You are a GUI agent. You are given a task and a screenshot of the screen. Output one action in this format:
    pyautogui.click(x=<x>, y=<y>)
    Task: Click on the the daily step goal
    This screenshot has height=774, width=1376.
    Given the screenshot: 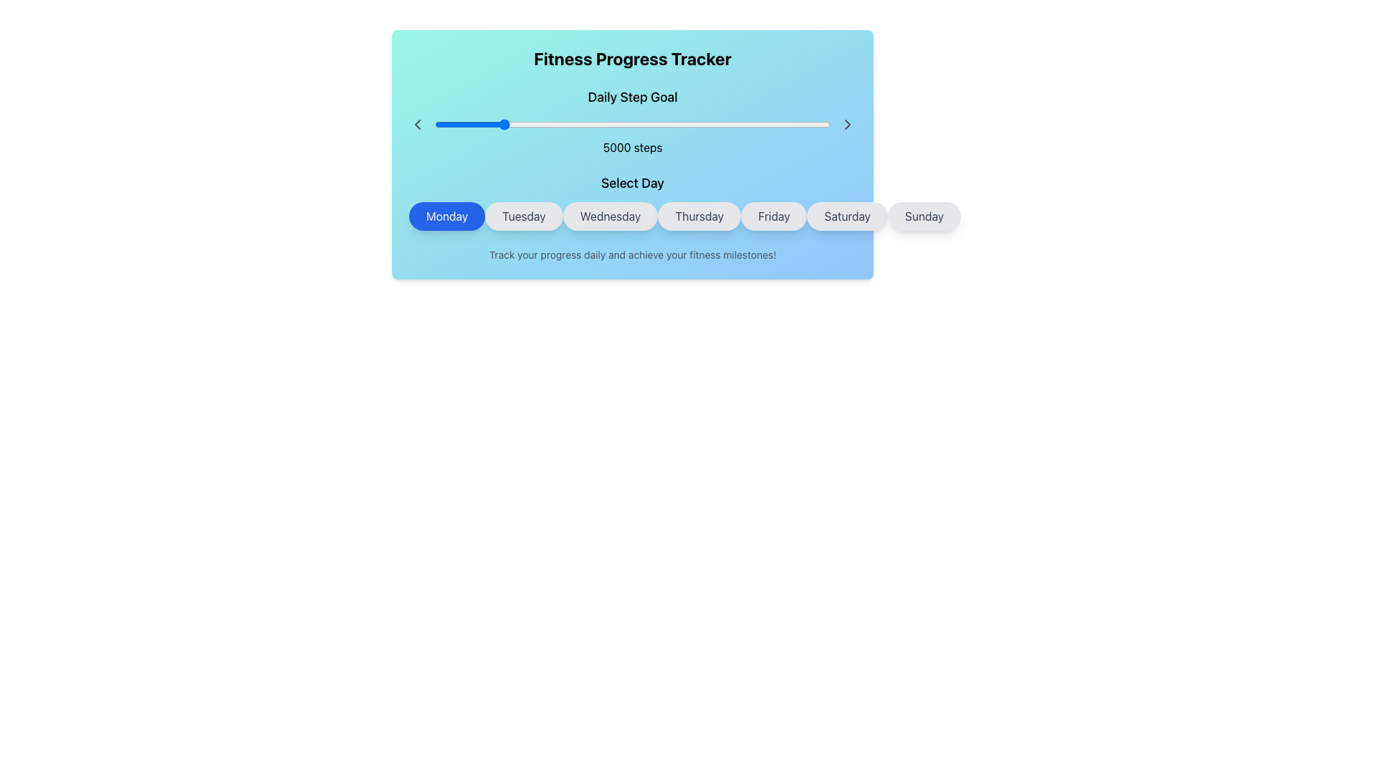 What is the action you would take?
    pyautogui.click(x=553, y=123)
    